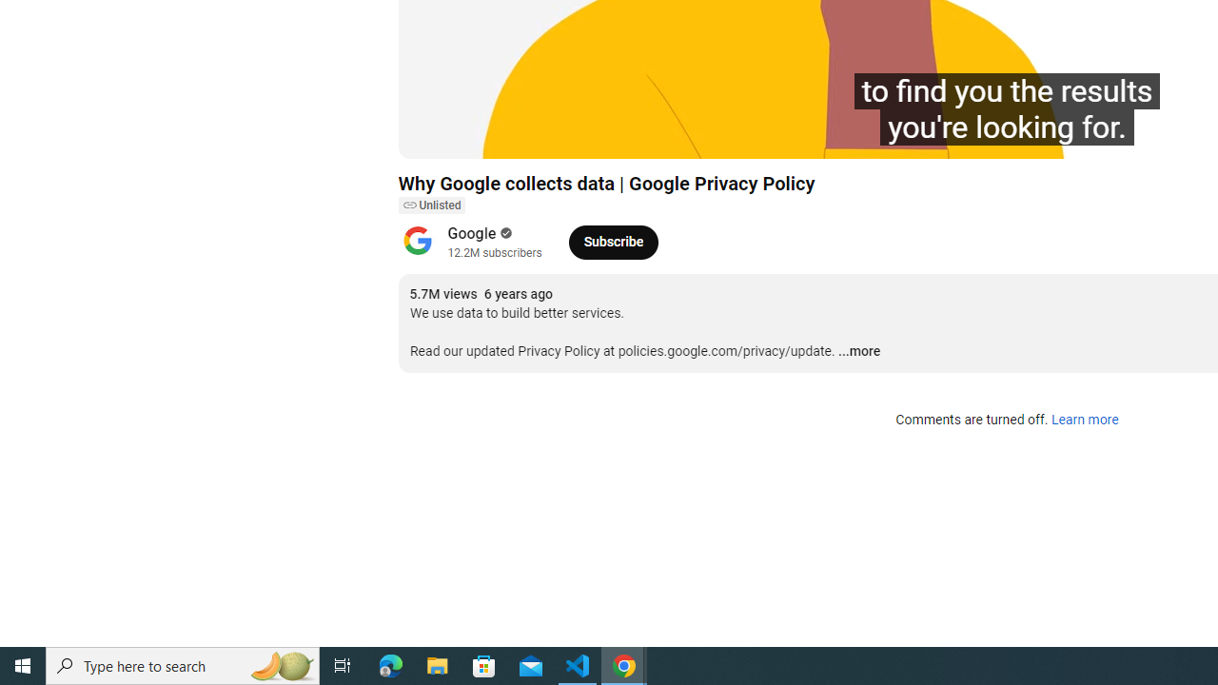 This screenshot has height=685, width=1218. What do you see at coordinates (858, 352) in the screenshot?
I see `'...more'` at bounding box center [858, 352].